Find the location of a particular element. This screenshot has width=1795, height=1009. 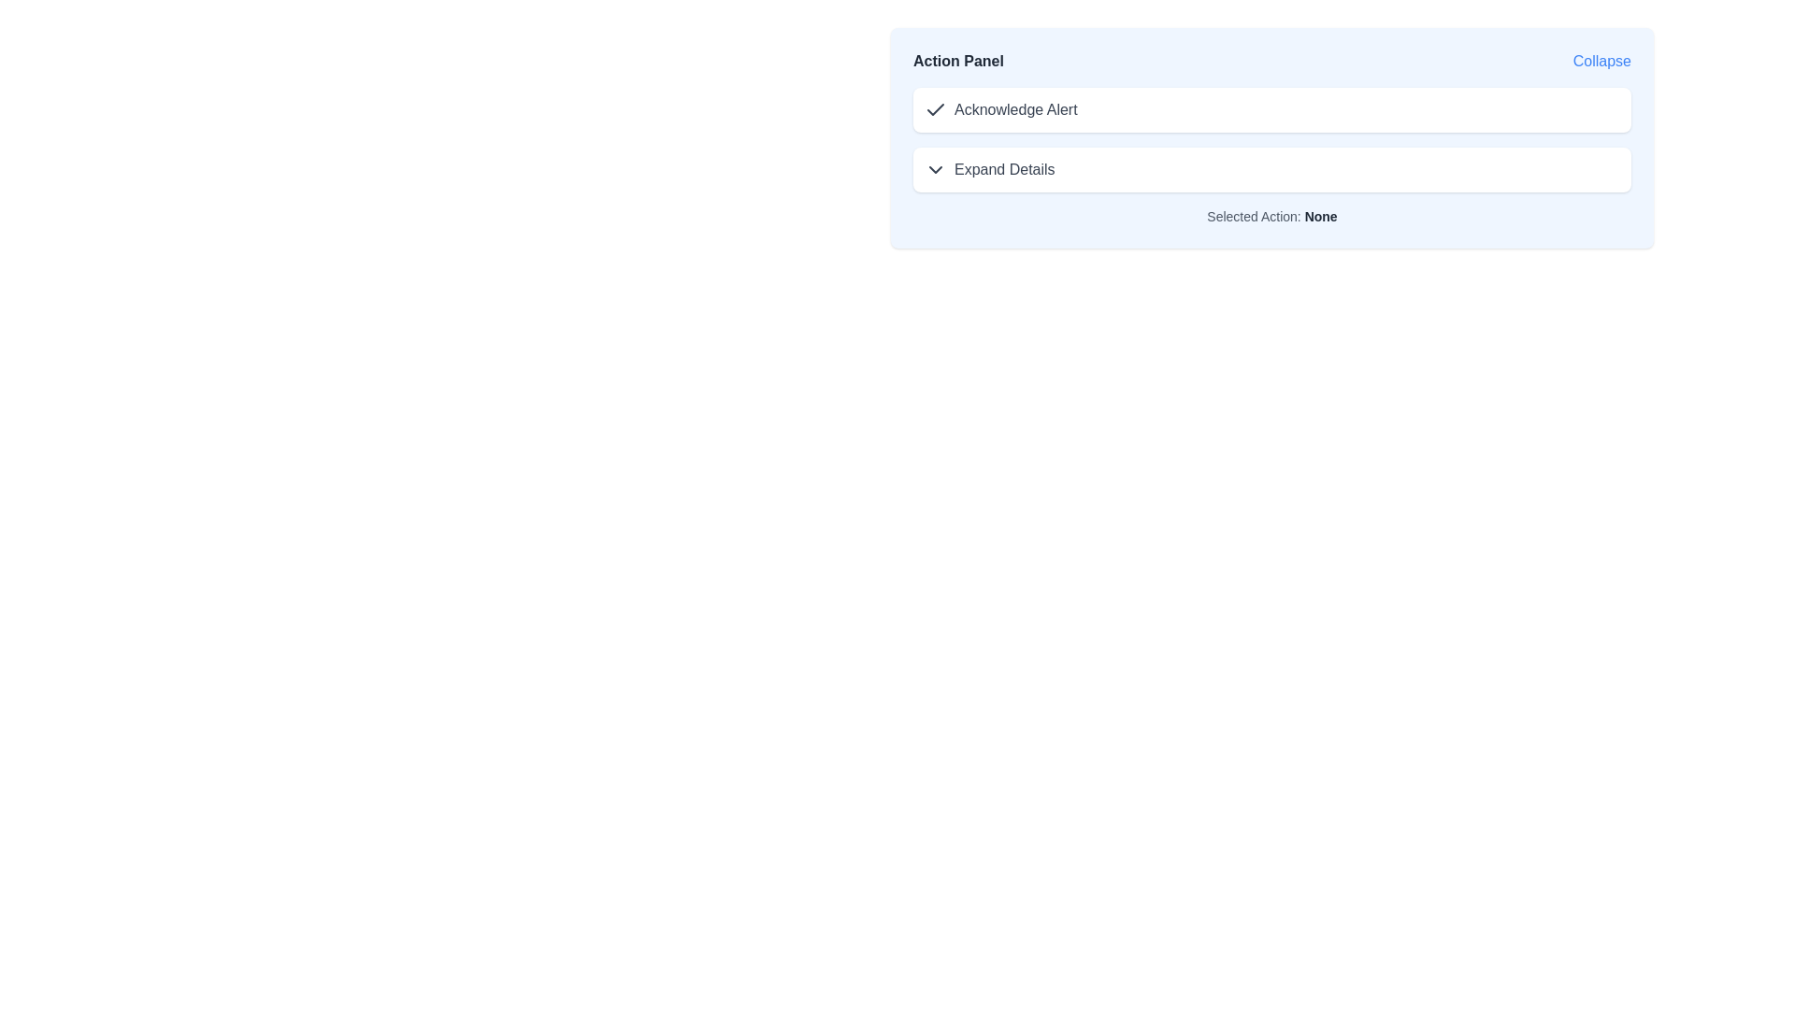

the chevron-down icon located to the left of the text 'Expand Details' is located at coordinates (936, 169).